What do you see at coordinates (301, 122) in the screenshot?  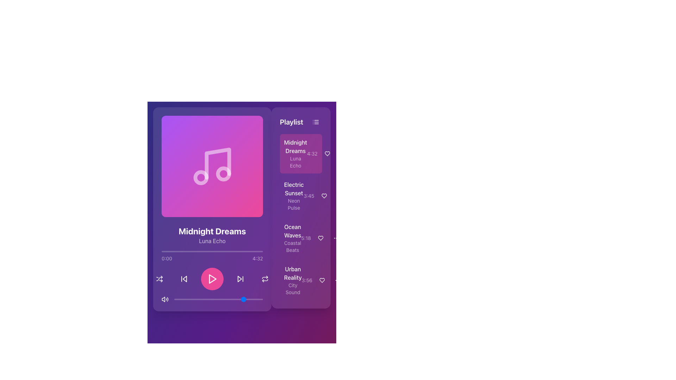 I see `the Text and icon group that serves as the title or heading for the playlist section, located in the top section of the sidebar` at bounding box center [301, 122].